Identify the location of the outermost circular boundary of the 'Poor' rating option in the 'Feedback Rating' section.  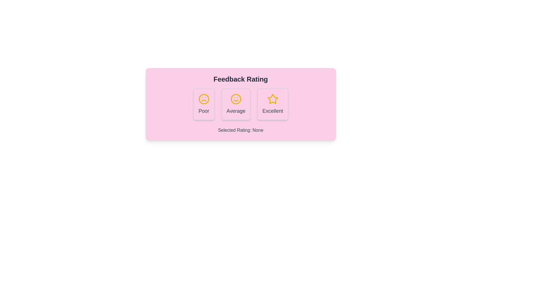
(204, 99).